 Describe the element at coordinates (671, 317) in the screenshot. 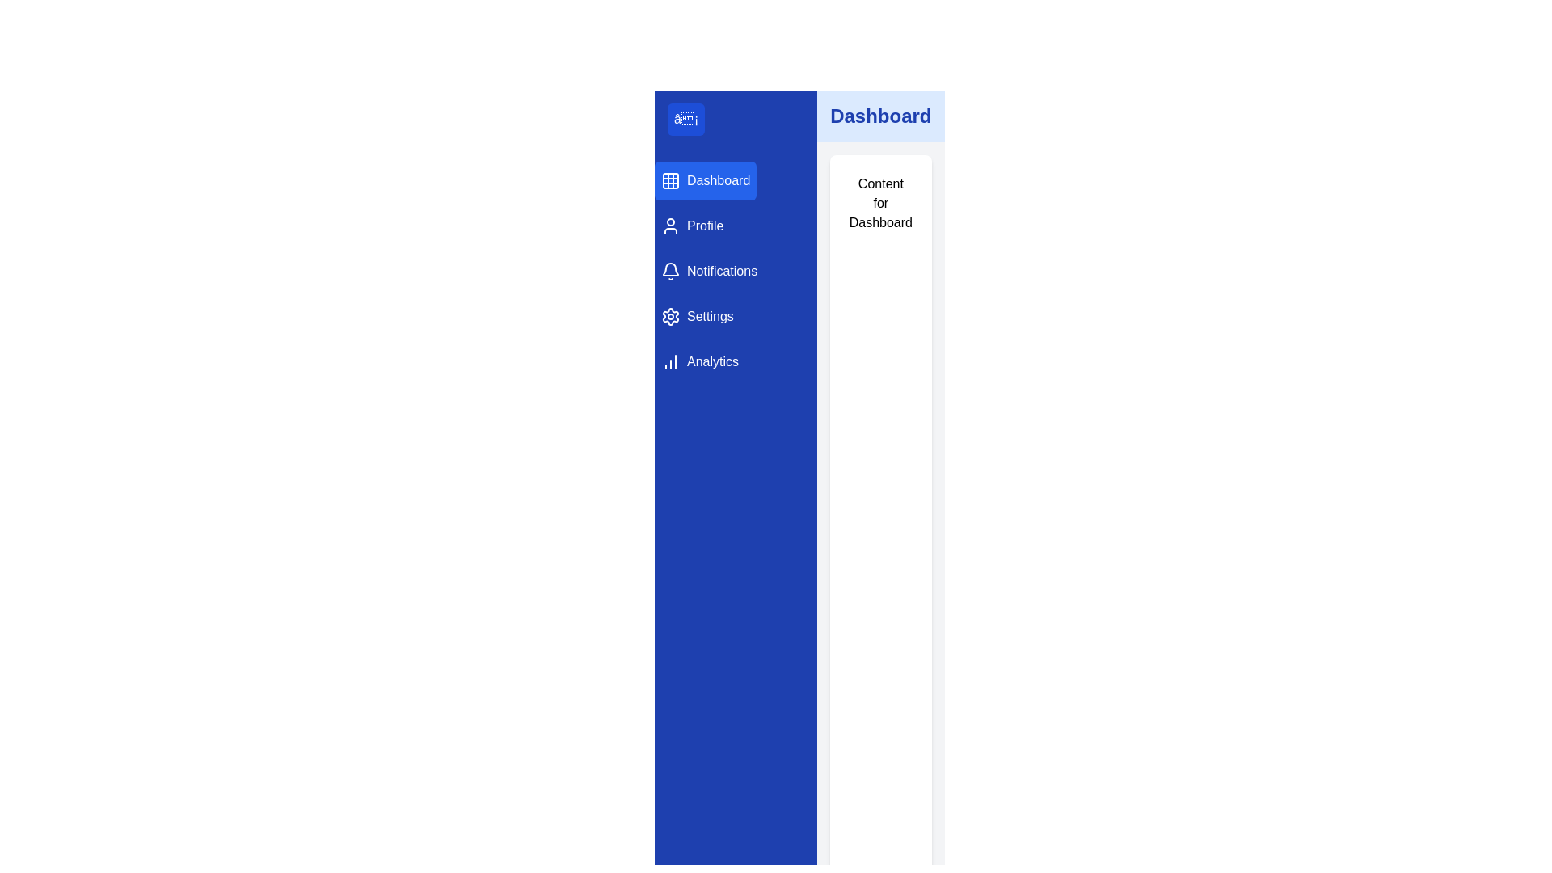

I see `the gear-shaped 'Settings' icon` at that location.